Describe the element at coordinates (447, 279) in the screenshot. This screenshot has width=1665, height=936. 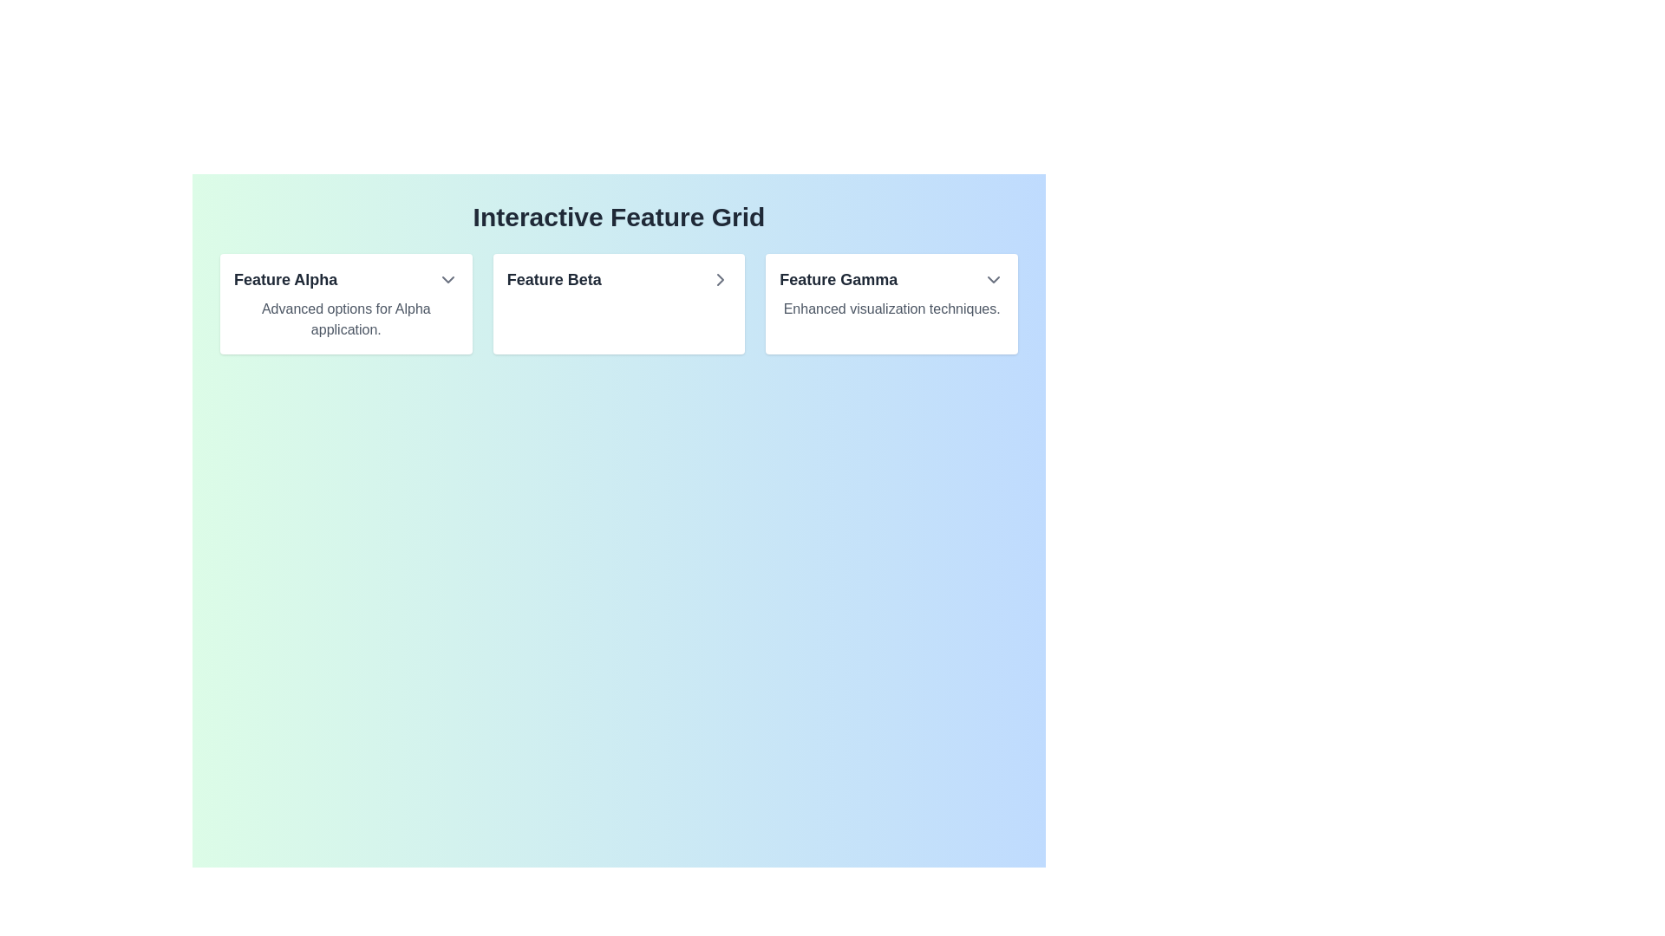
I see `the downward-facing gray chevron indicator next to 'Feature Alpha' to observe the style change on hover` at that location.